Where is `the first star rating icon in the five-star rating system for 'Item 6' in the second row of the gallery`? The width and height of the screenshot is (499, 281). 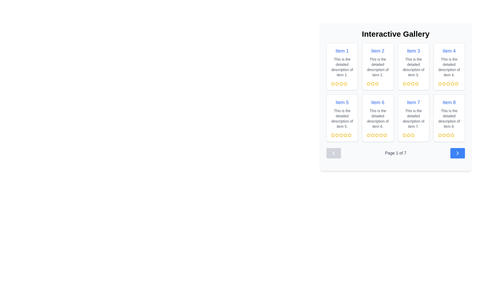
the first star rating icon in the five-star rating system for 'Item 6' in the second row of the gallery is located at coordinates (368, 135).